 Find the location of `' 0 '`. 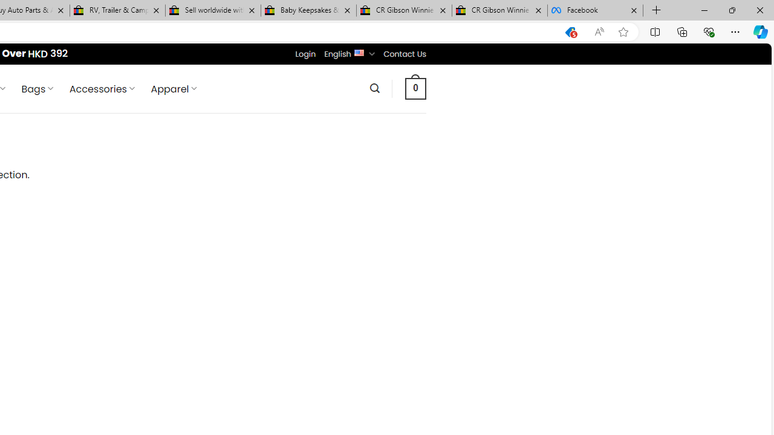

' 0 ' is located at coordinates (416, 88).